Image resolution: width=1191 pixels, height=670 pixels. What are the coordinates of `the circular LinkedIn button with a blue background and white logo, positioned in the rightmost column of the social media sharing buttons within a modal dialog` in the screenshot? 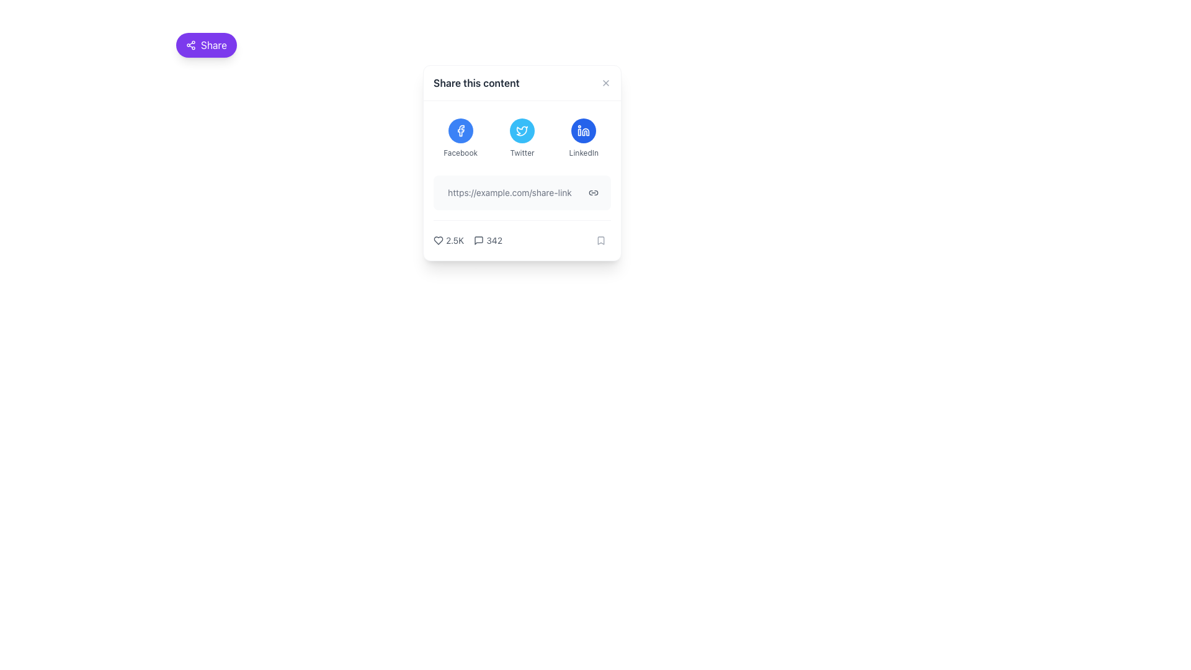 It's located at (583, 131).